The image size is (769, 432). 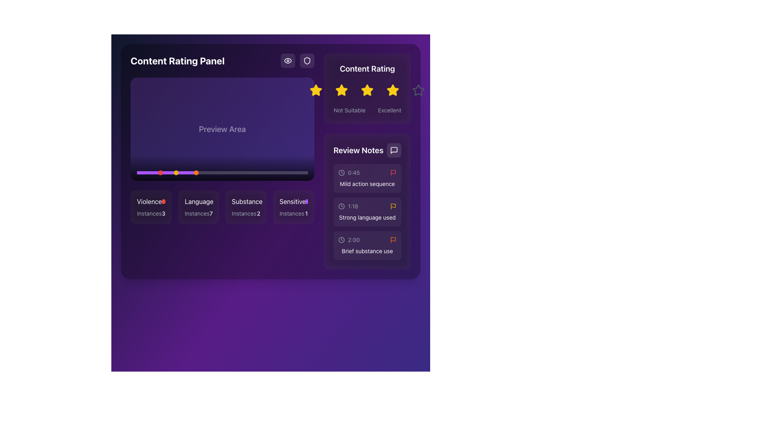 What do you see at coordinates (367, 217) in the screenshot?
I see `the text label displaying 'Strong language used' in the 'Review Notes' section, which is styled in white on a dark background and positioned between the notes 'Mild action sequence' and 'Brief substance use'` at bounding box center [367, 217].